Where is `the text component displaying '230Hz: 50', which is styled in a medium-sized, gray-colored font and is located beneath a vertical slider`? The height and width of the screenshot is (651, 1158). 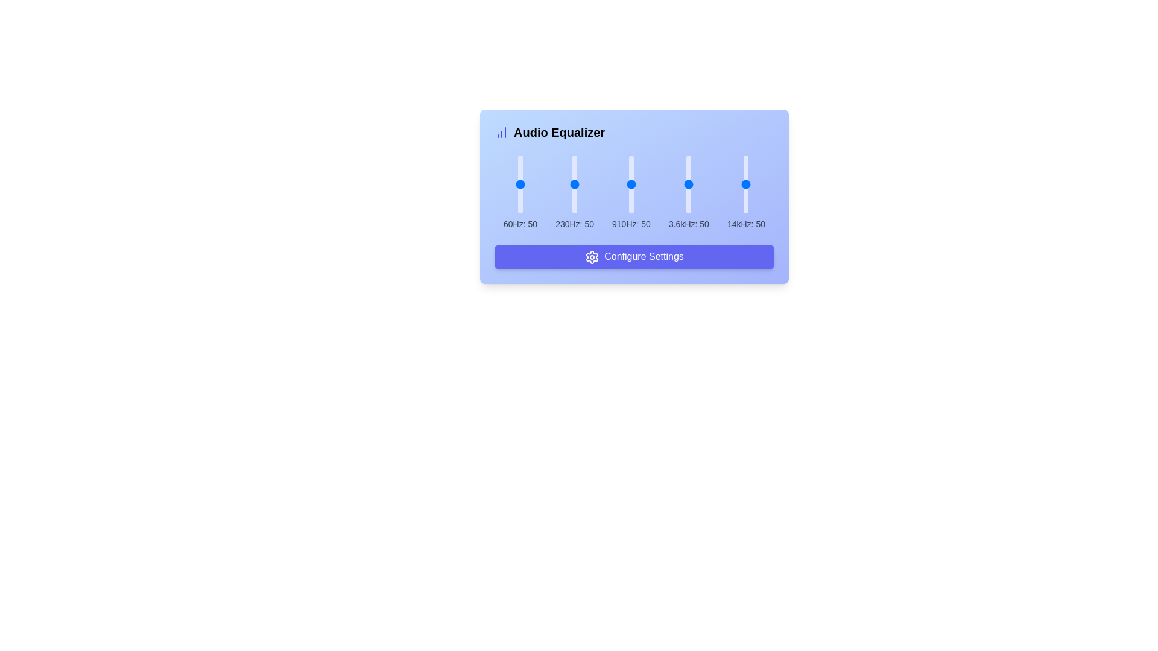
the text component displaying '230Hz: 50', which is styled in a medium-sized, gray-colored font and is located beneath a vertical slider is located at coordinates (574, 224).